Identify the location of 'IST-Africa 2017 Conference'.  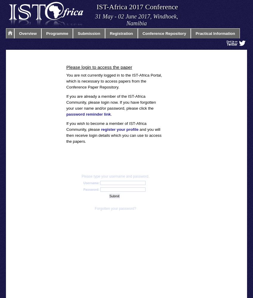
(137, 7).